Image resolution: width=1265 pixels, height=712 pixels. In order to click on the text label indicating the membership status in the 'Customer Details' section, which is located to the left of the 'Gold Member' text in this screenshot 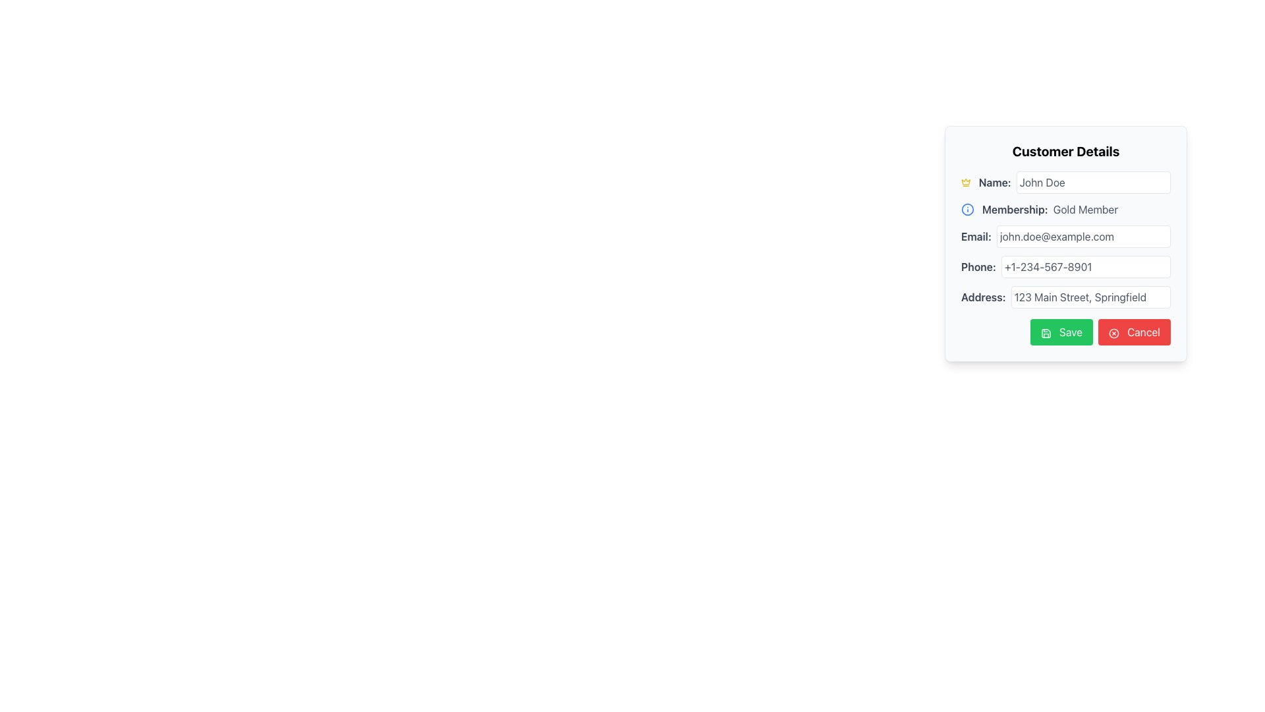, I will do `click(1014, 208)`.